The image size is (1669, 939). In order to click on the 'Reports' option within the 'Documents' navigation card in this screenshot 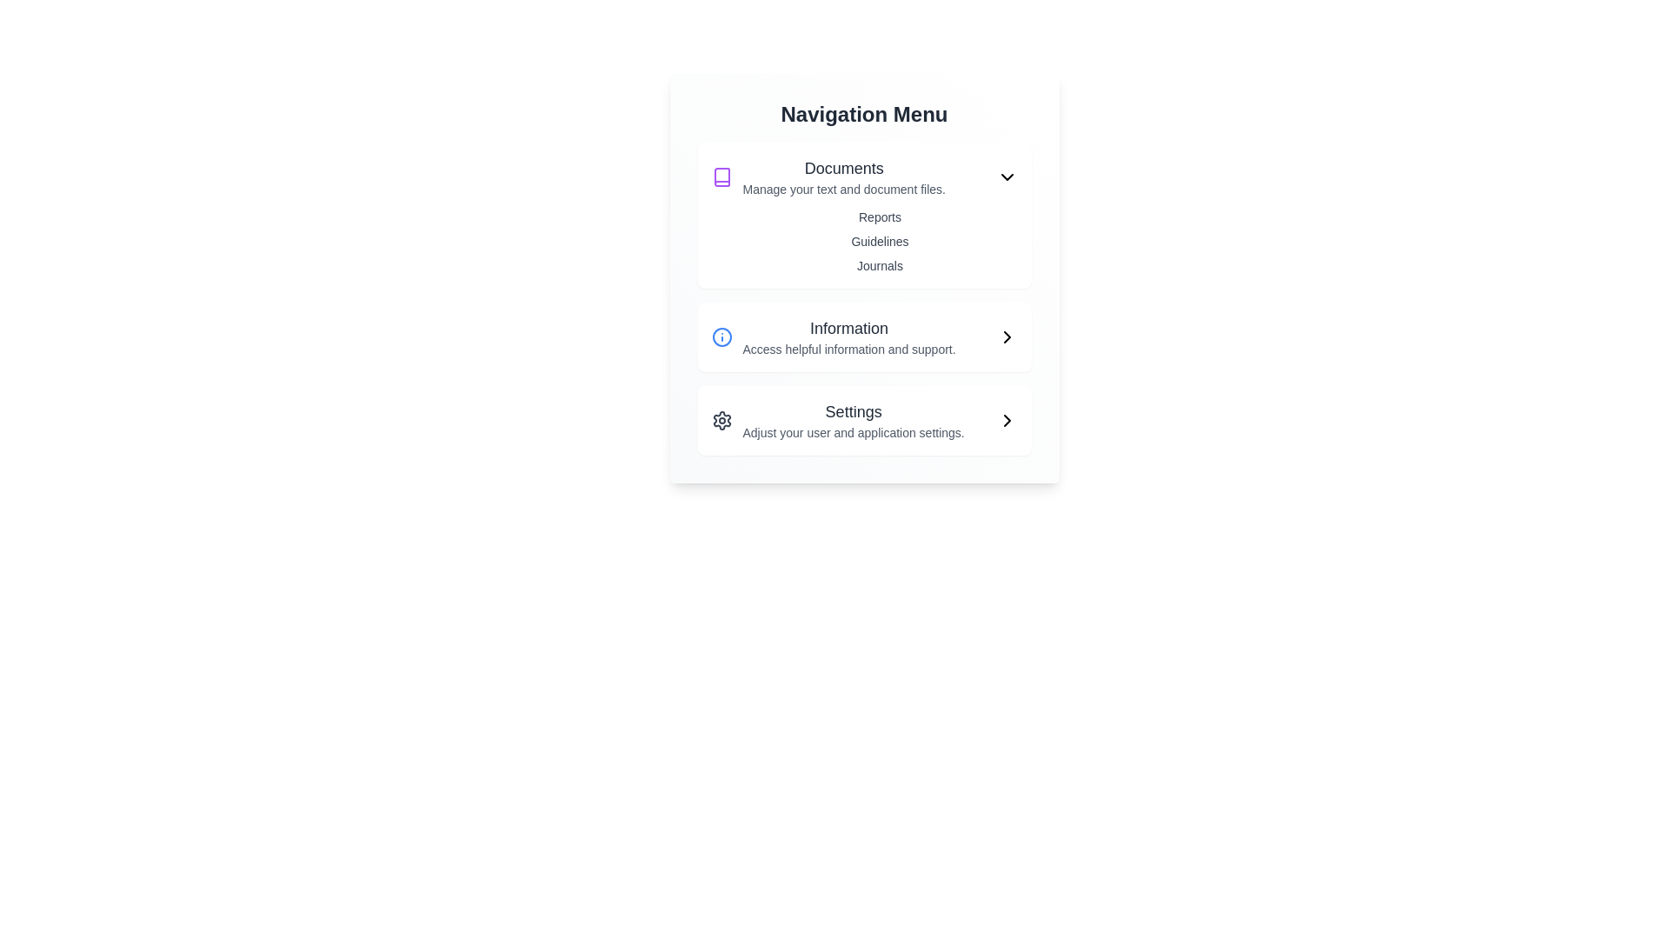, I will do `click(864, 214)`.